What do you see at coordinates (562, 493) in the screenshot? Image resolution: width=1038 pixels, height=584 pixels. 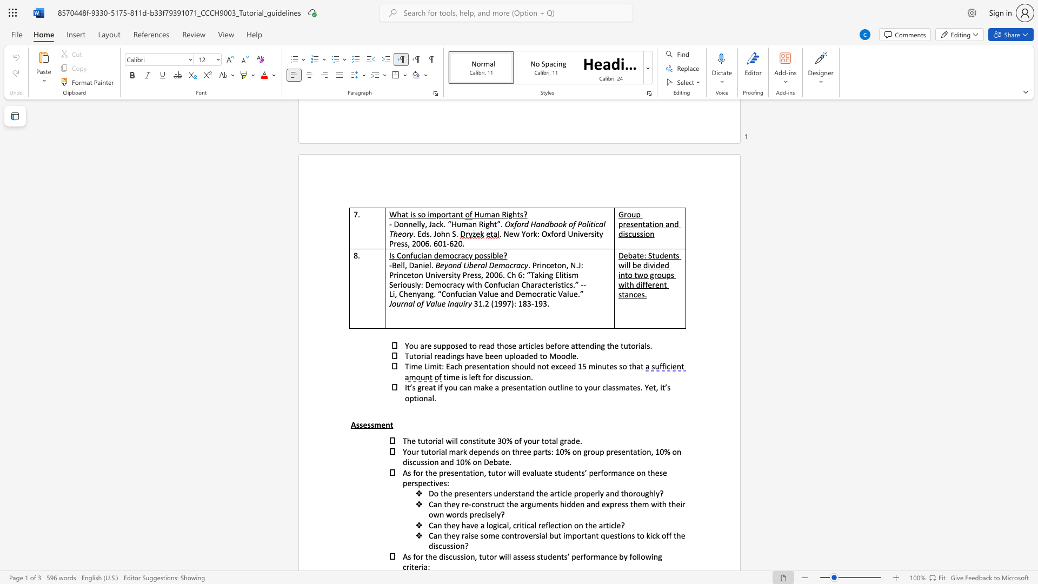 I see `the subset text "cle" within the text "Do the presenters understand the article properly and thoroughly?"` at bounding box center [562, 493].